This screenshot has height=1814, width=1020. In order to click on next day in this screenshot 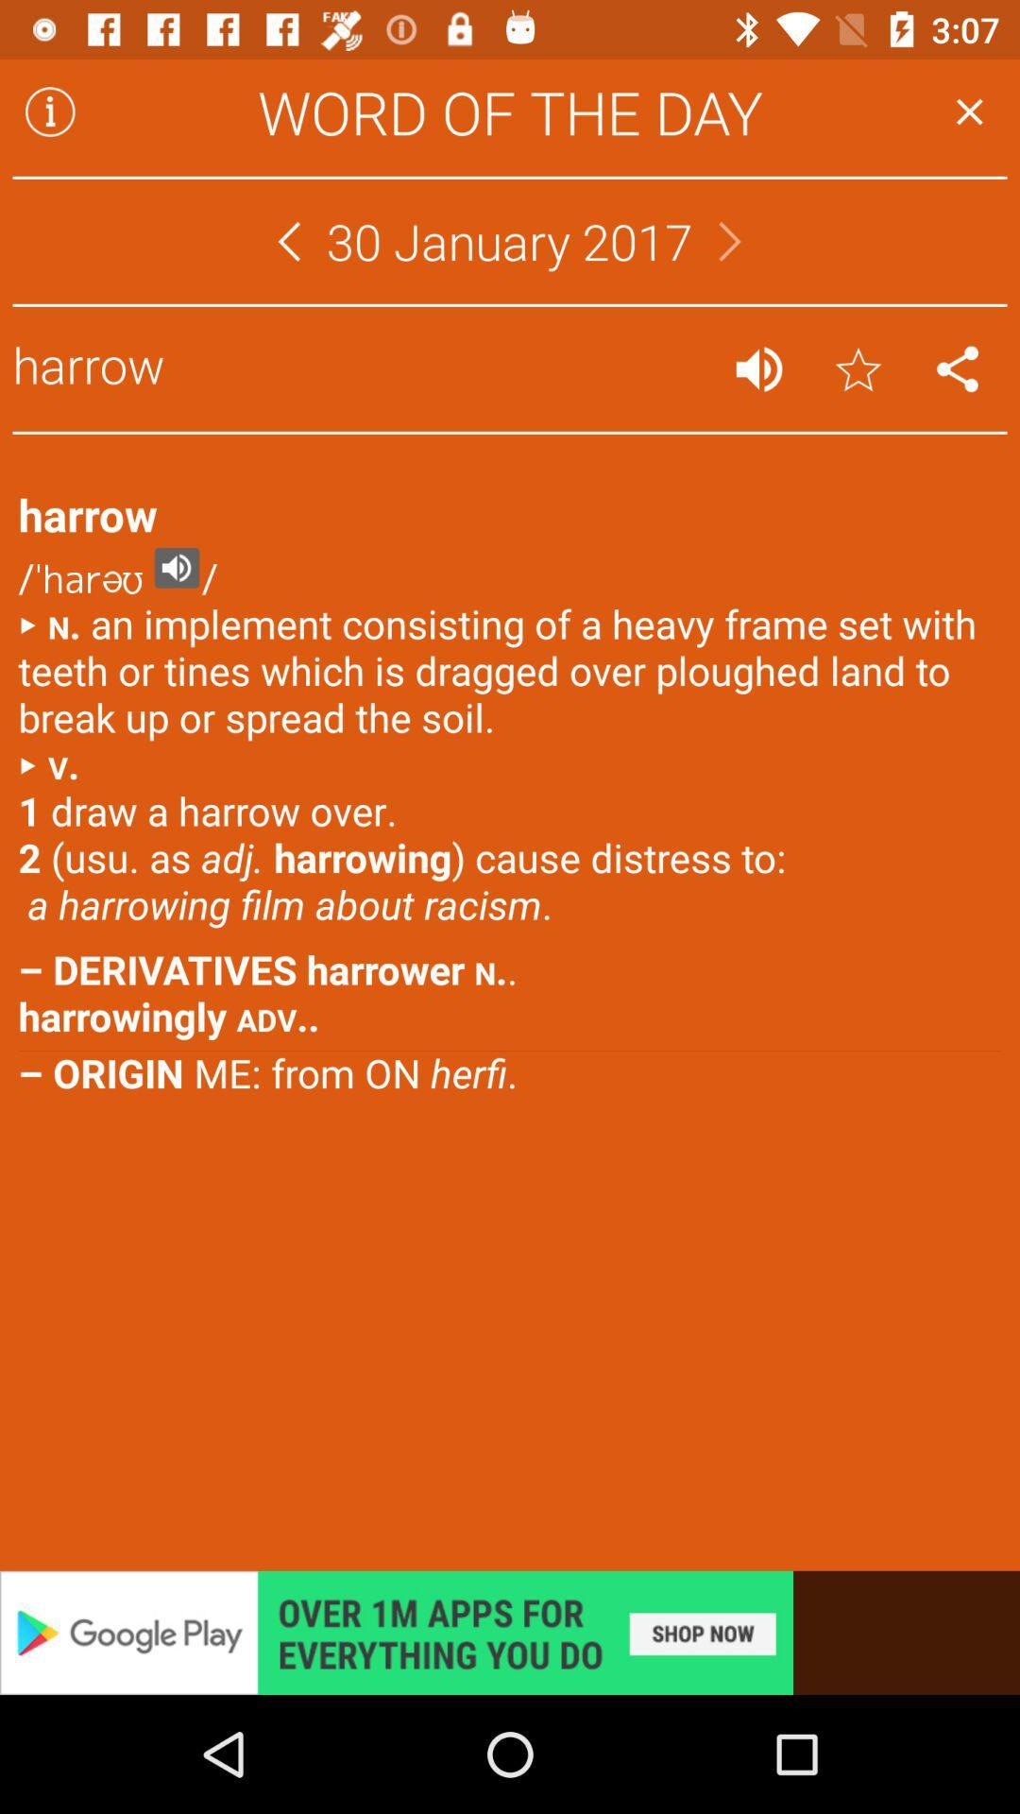, I will do `click(729, 240)`.